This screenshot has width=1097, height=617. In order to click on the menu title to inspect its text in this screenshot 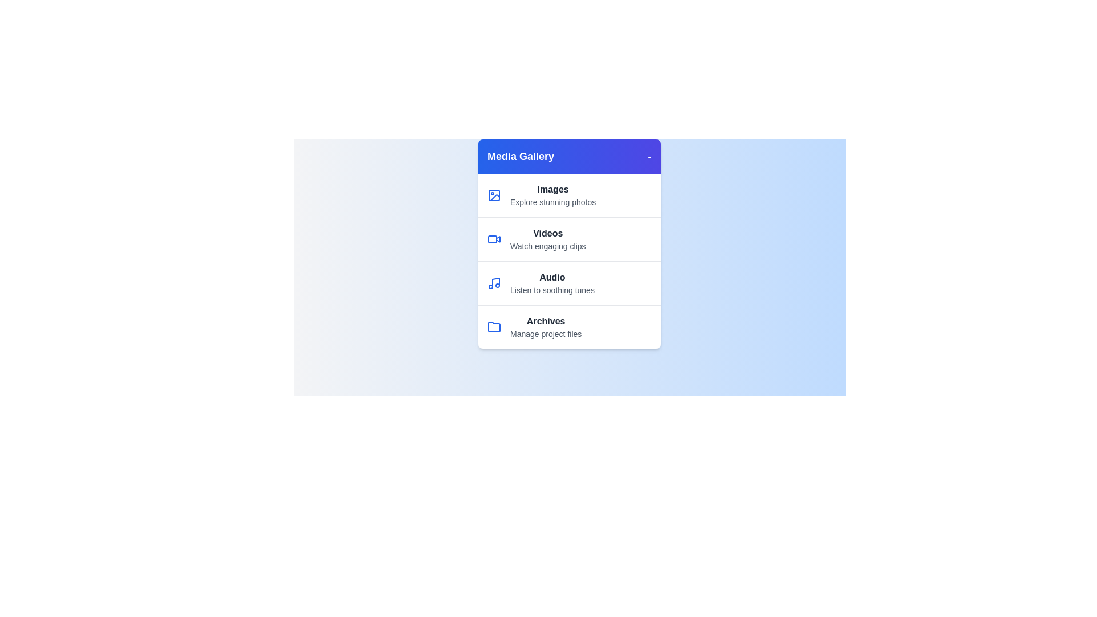, I will do `click(520, 156)`.